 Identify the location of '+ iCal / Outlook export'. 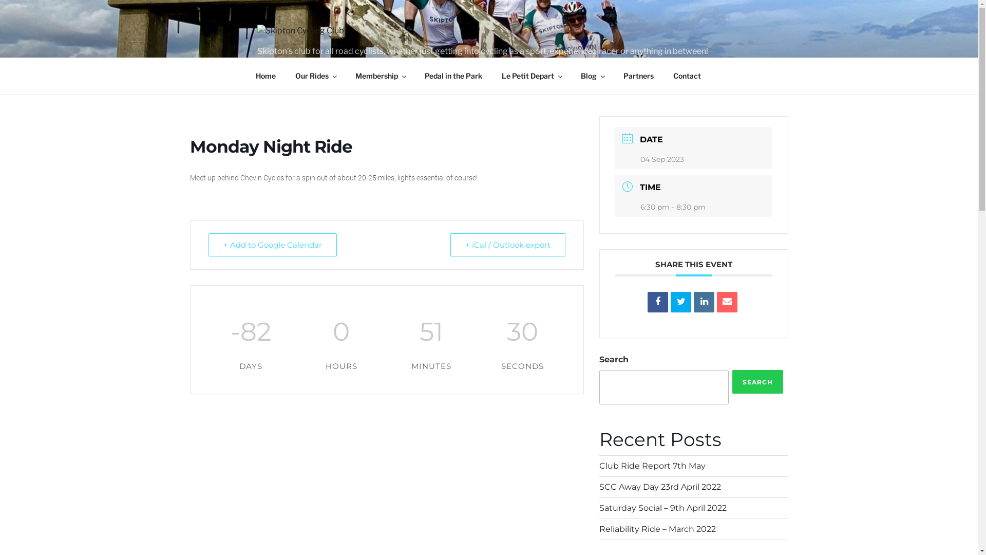
(507, 245).